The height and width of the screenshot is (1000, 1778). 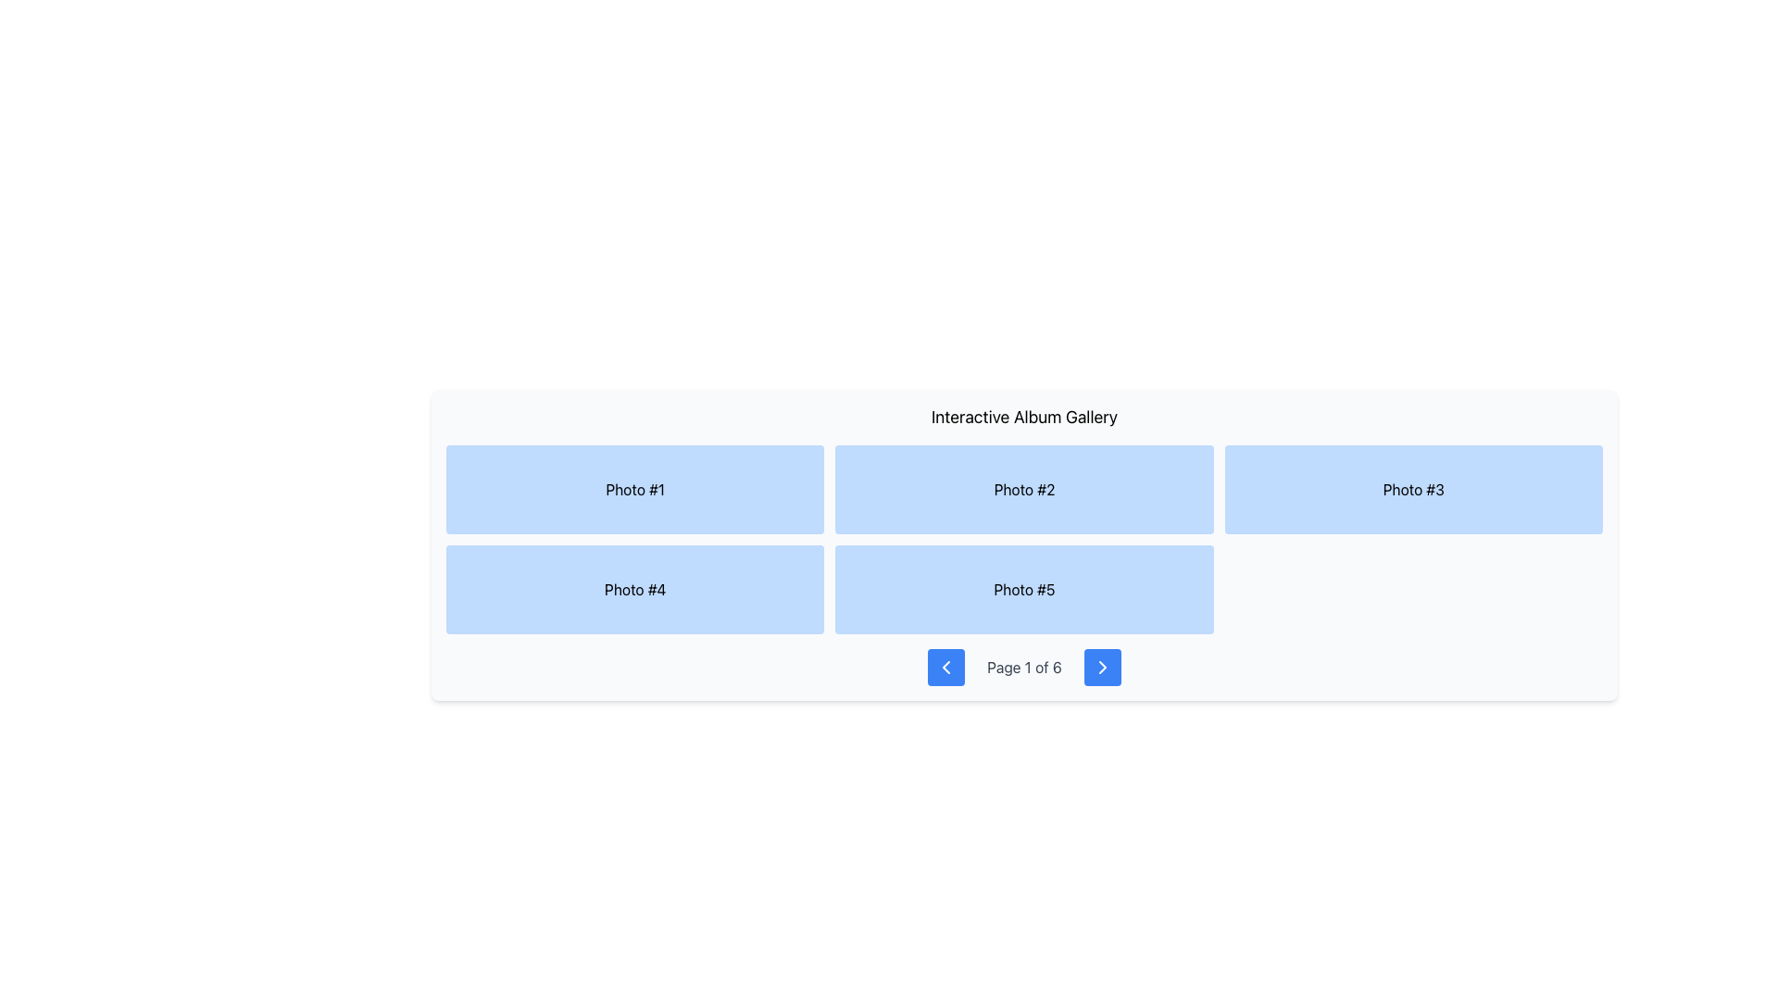 What do you see at coordinates (1023, 668) in the screenshot?
I see `the text label displaying 'Page 1 of 6' in a gray font, centrally aligned in the pagination bar below the photo grid` at bounding box center [1023, 668].